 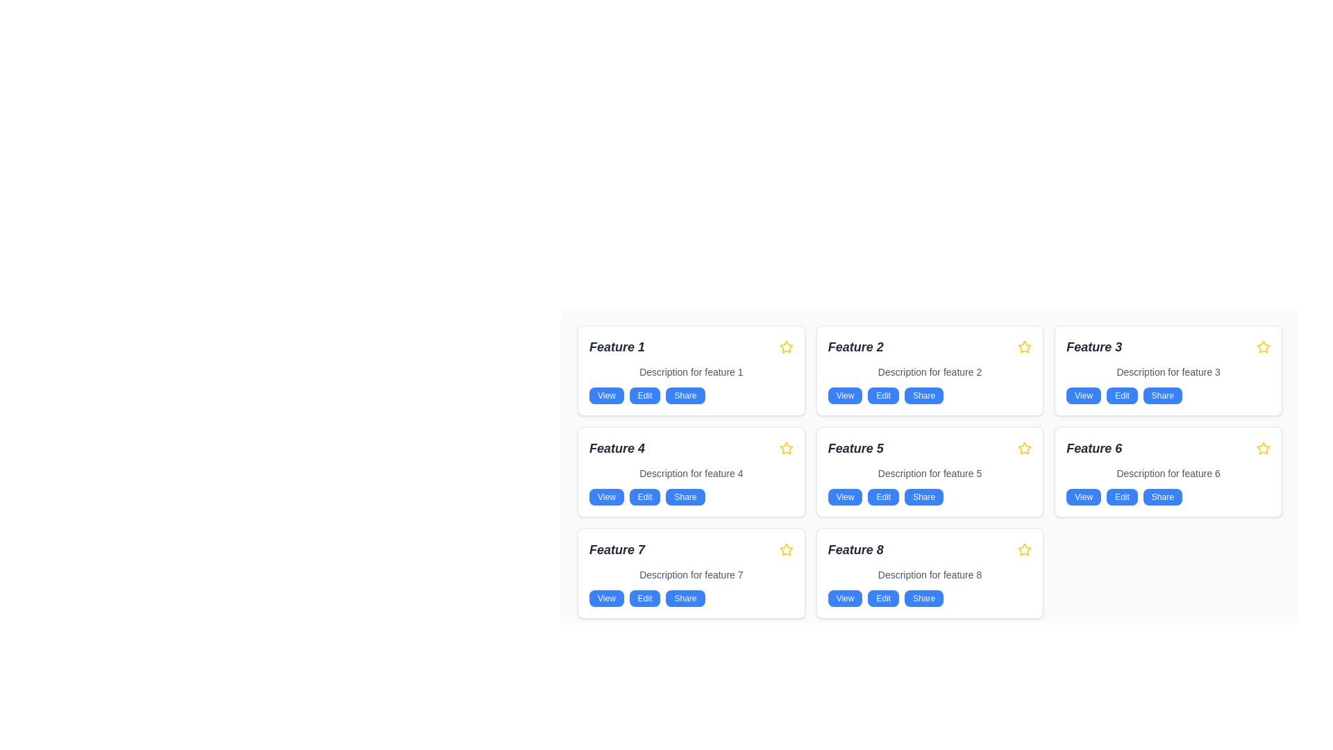 I want to click on the yellow outlined star-shaped icon, which is located to the right of the text 'Feature 5', so click(x=1025, y=448).